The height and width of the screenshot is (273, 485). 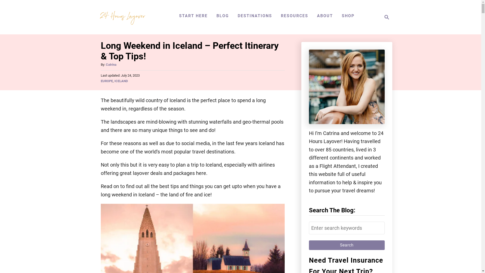 What do you see at coordinates (114, 81) in the screenshot?
I see `'ICELAND'` at bounding box center [114, 81].